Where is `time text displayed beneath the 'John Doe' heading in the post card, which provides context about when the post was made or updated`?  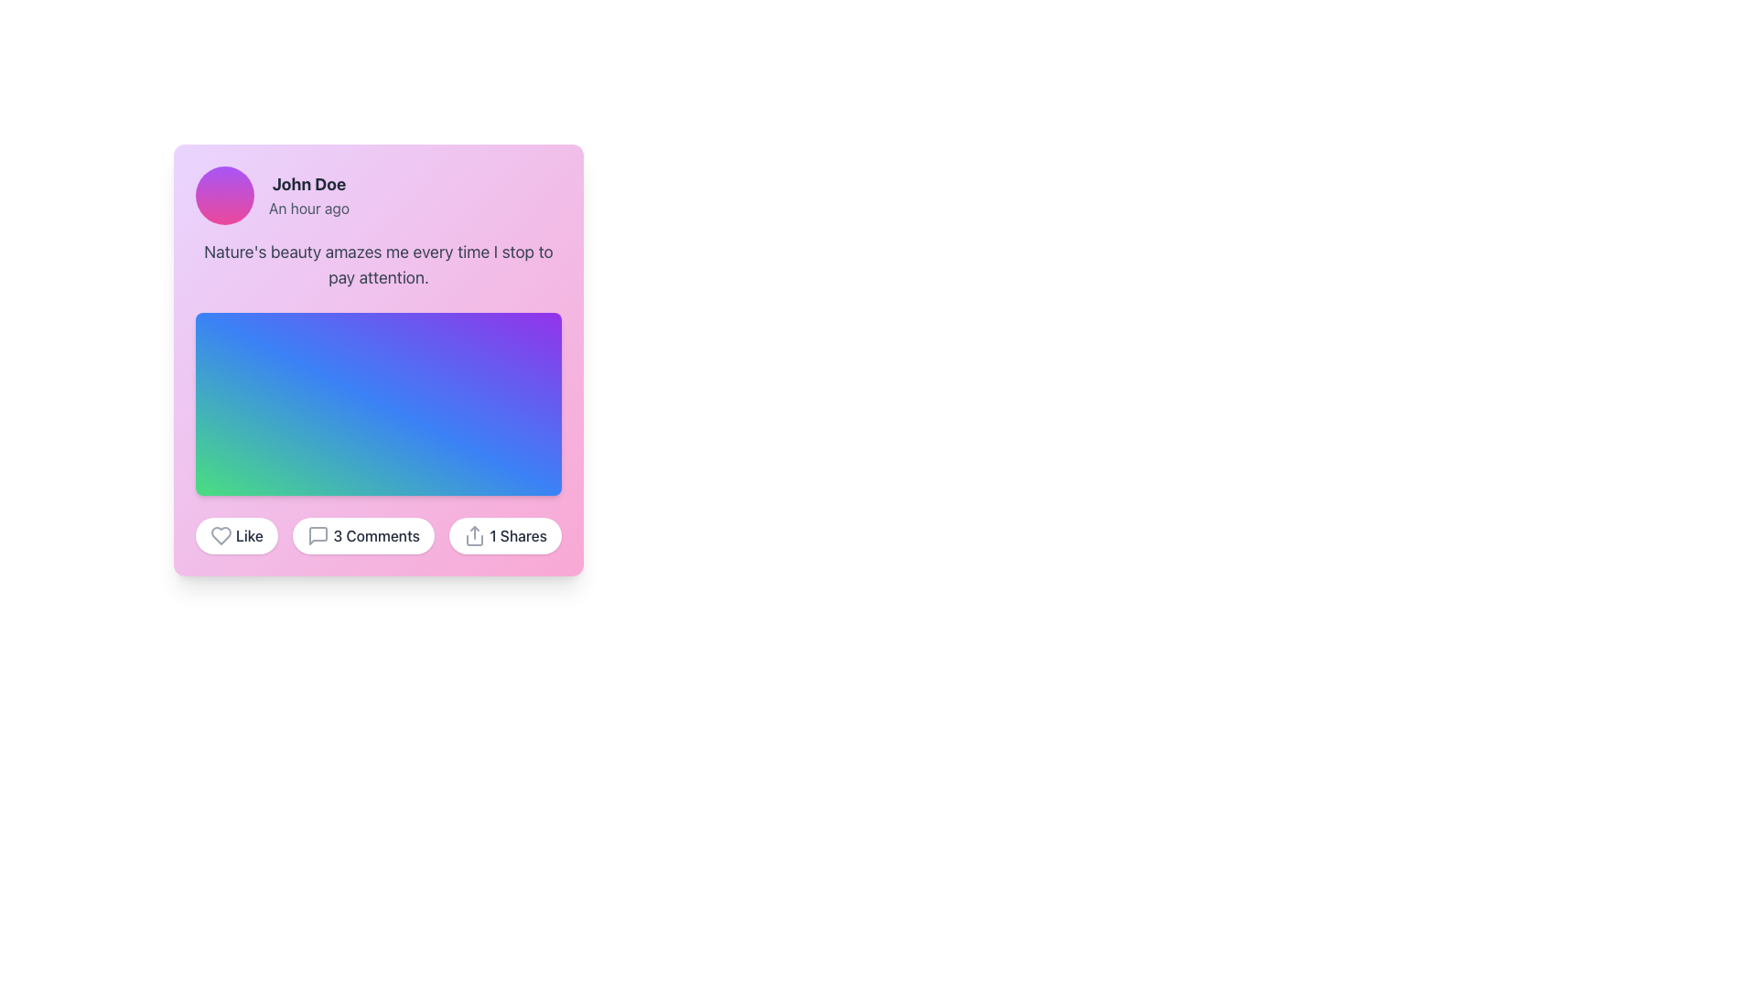 time text displayed beneath the 'John Doe' heading in the post card, which provides context about when the post was made or updated is located at coordinates (308, 207).